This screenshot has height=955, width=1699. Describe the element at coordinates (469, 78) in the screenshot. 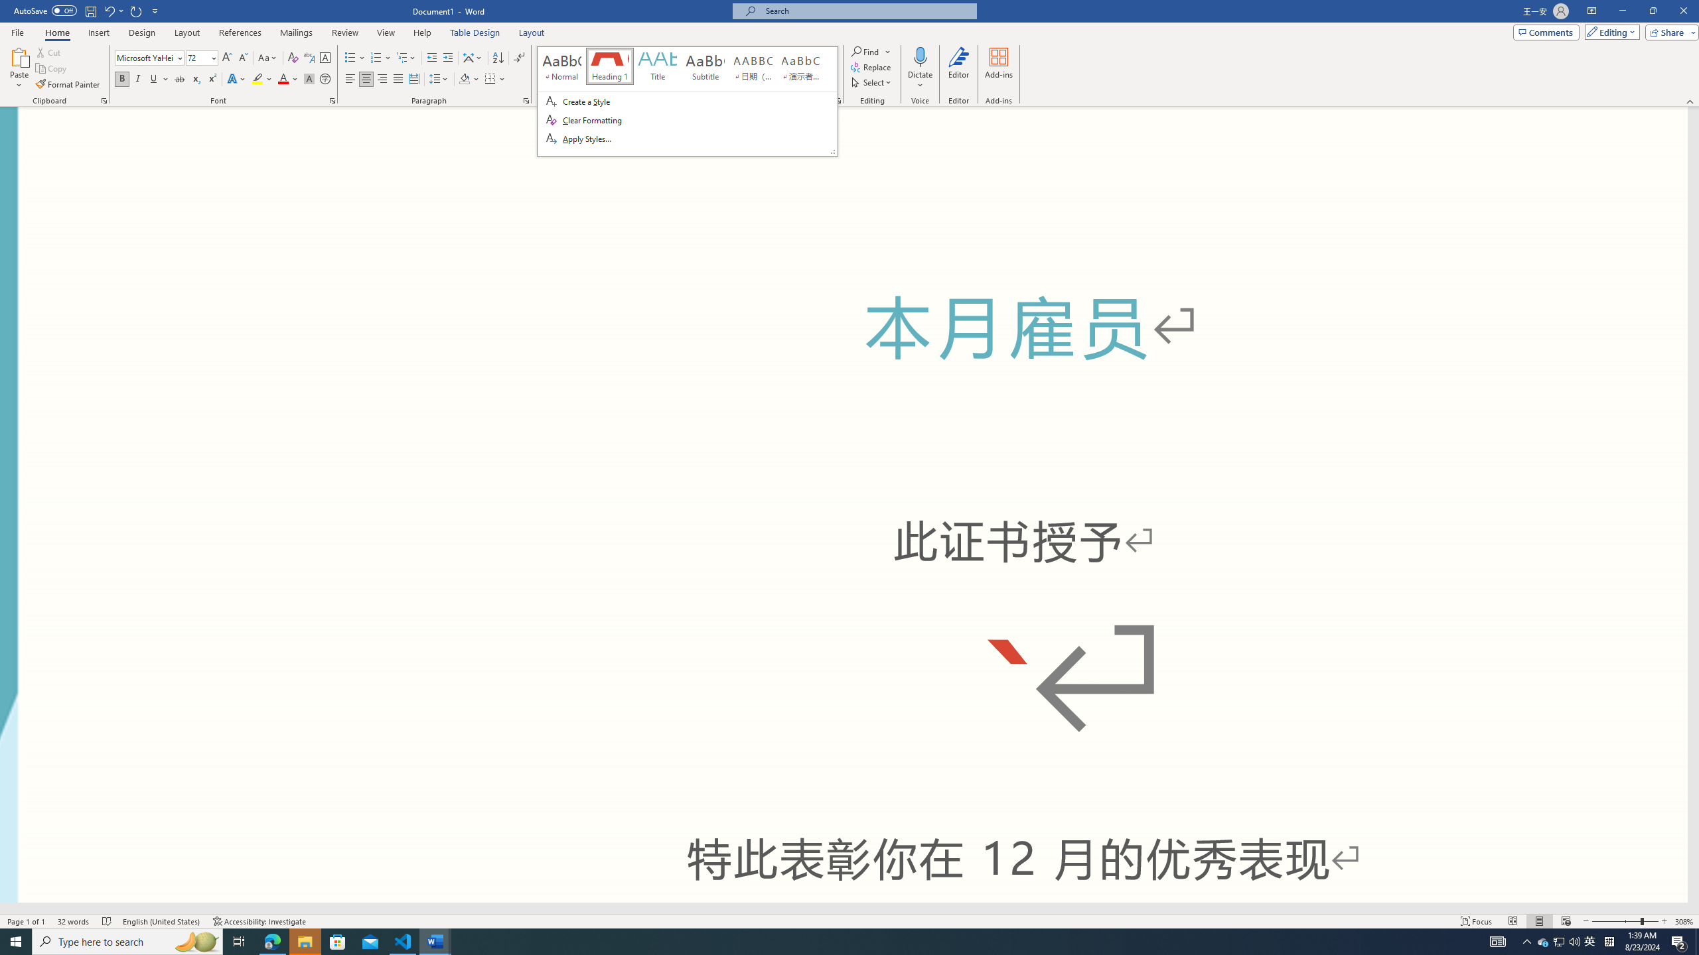

I see `'Shading'` at that location.